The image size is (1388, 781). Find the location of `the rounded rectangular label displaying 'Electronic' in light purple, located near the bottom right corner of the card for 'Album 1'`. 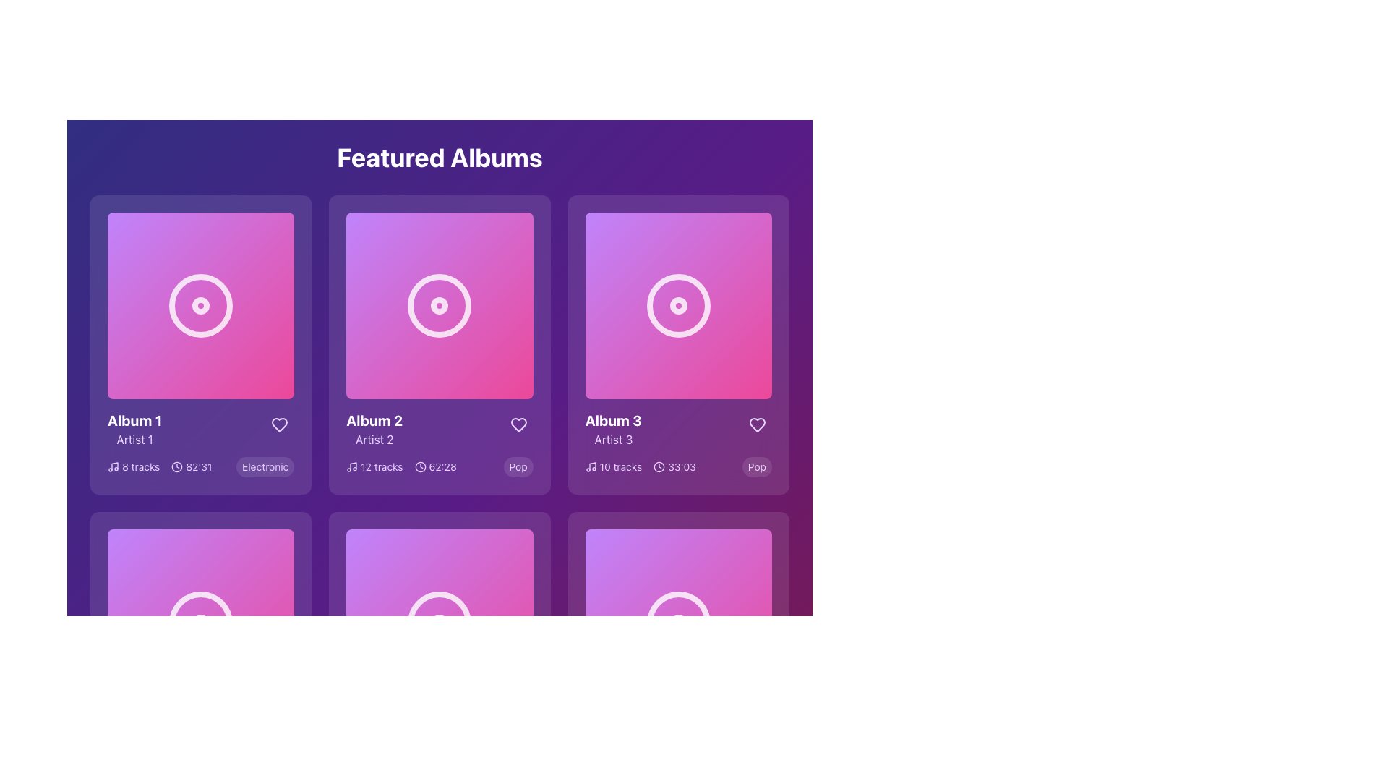

the rounded rectangular label displaying 'Electronic' in light purple, located near the bottom right corner of the card for 'Album 1' is located at coordinates (265, 467).